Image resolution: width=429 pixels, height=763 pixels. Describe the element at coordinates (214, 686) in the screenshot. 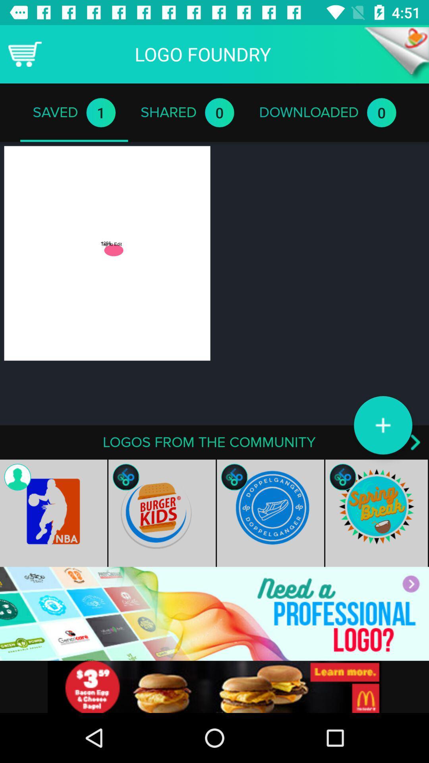

I see `find out more` at that location.